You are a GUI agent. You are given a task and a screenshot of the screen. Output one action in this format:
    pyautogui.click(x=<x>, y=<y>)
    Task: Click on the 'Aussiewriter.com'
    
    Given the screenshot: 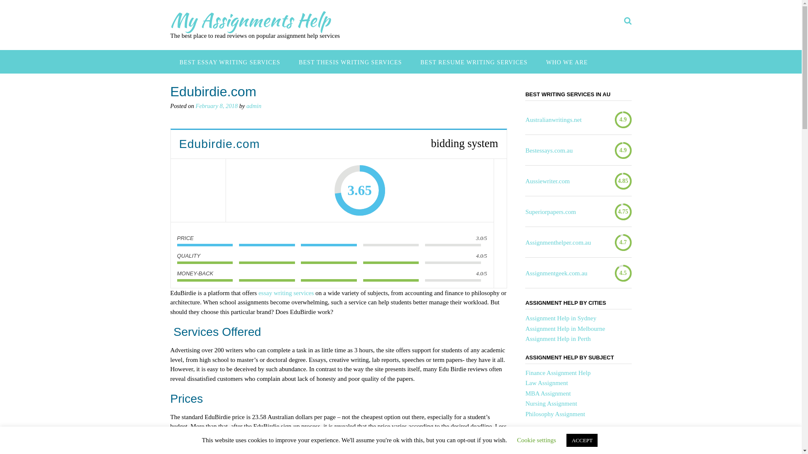 What is the action you would take?
    pyautogui.click(x=547, y=181)
    